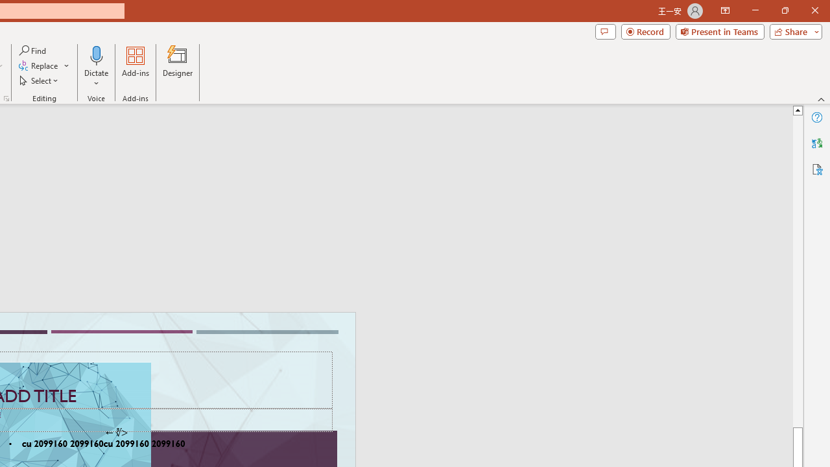 The image size is (830, 467). What do you see at coordinates (797, 270) in the screenshot?
I see `'Page up'` at bounding box center [797, 270].